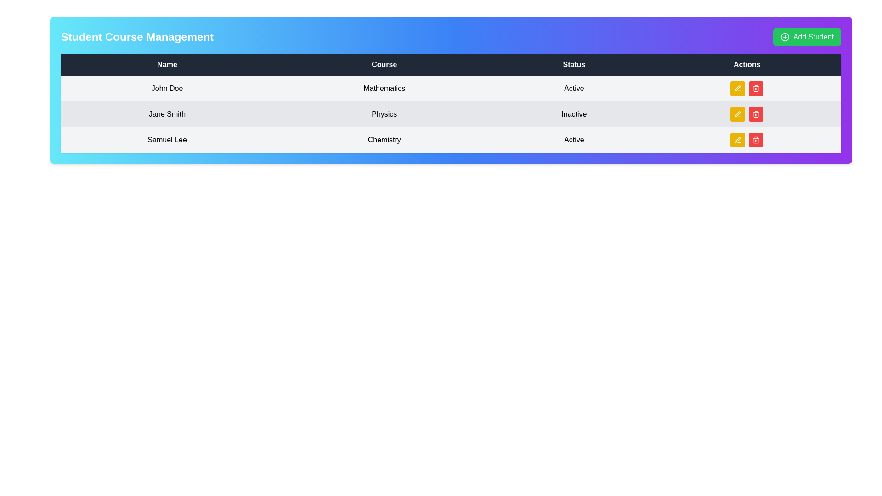 The width and height of the screenshot is (882, 496). I want to click on the table row item displaying 'John Doe', 'Mathematics', and 'Active', so click(451, 88).